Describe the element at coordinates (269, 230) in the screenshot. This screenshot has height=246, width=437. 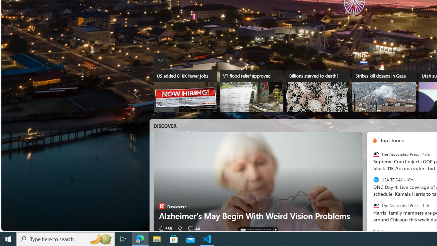
I see `'AutomationID: tab-9'` at that location.